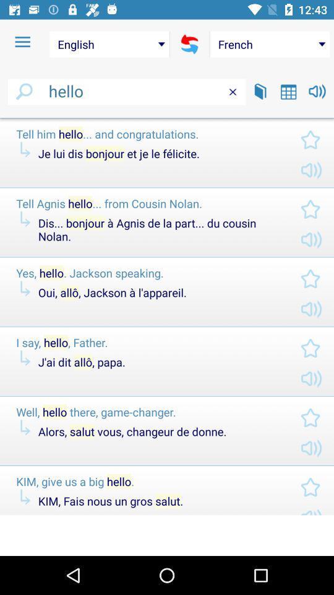  Describe the element at coordinates (189, 44) in the screenshot. I see `the item to the right of the english item` at that location.